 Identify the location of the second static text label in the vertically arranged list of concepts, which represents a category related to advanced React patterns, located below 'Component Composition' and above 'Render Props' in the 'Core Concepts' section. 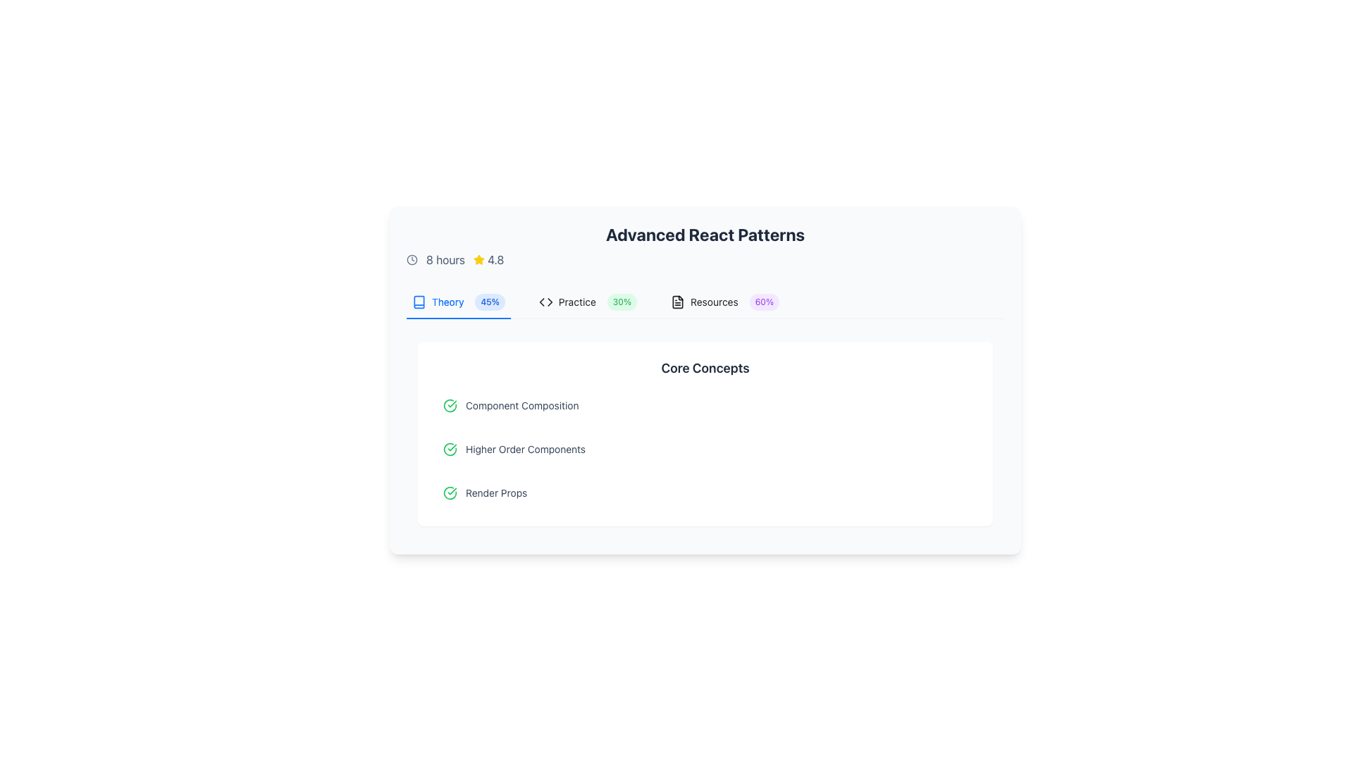
(525, 449).